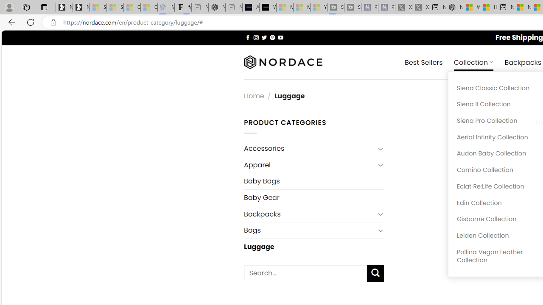 This screenshot has height=305, width=543. I want to click on 'Home', so click(254, 96).